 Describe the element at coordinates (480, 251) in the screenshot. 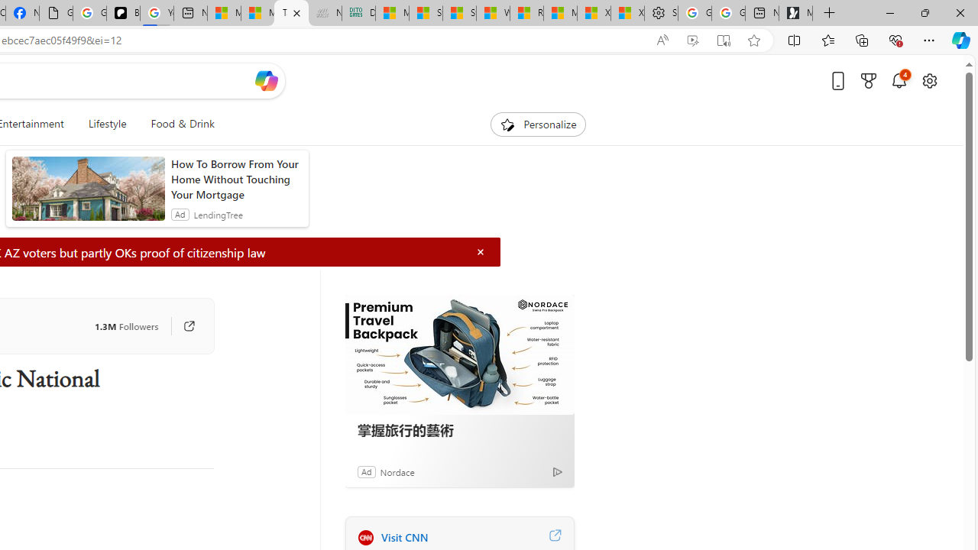

I see `'Hide'` at that location.